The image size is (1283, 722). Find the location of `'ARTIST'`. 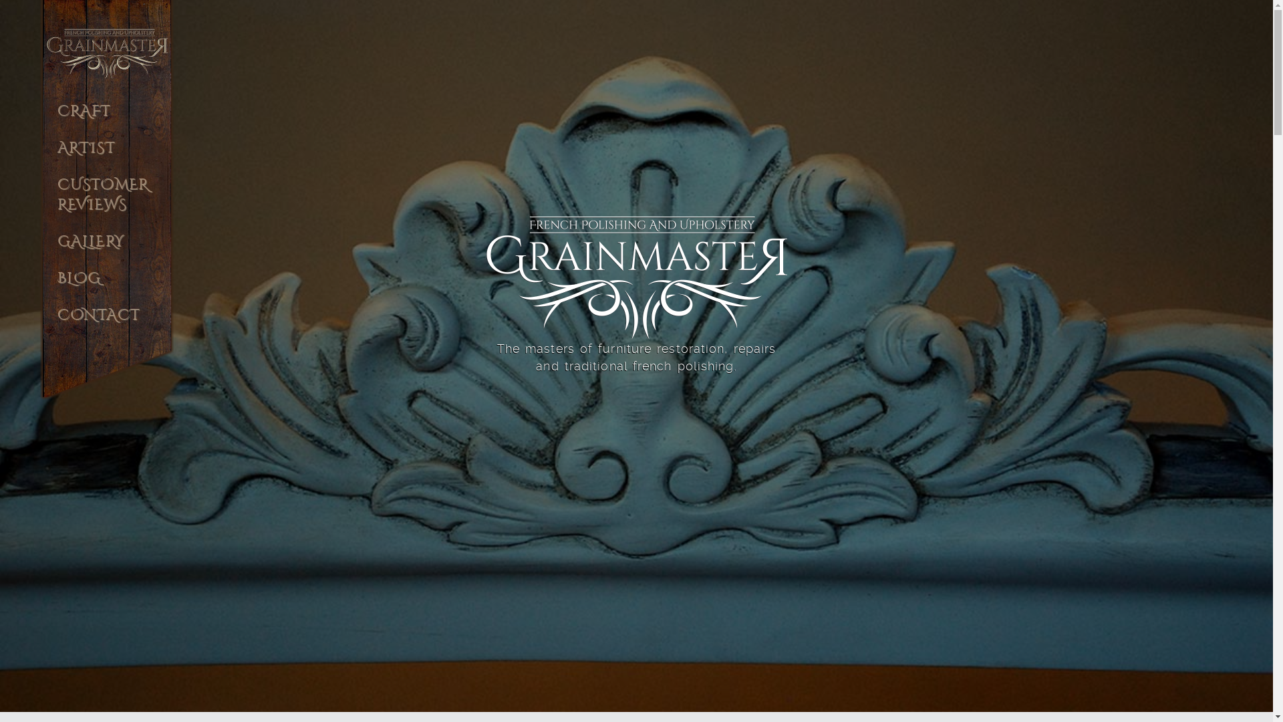

'ARTIST' is located at coordinates (106, 155).